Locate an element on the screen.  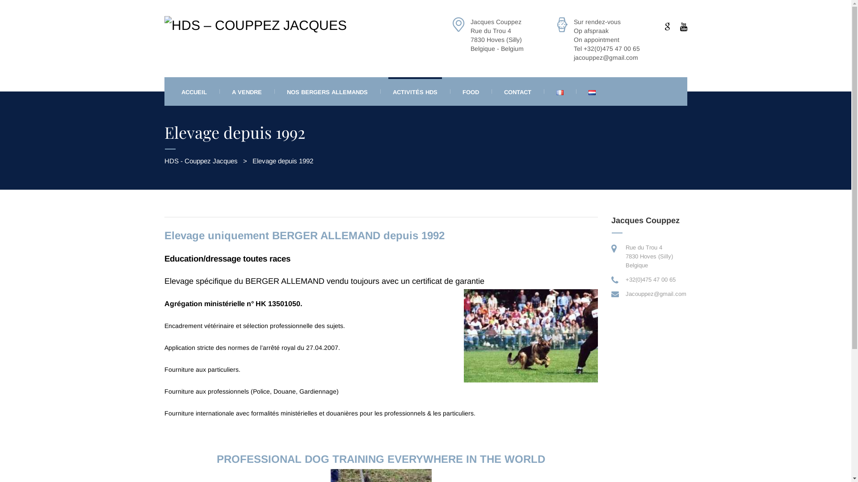
'CONTACT' is located at coordinates (499, 91).